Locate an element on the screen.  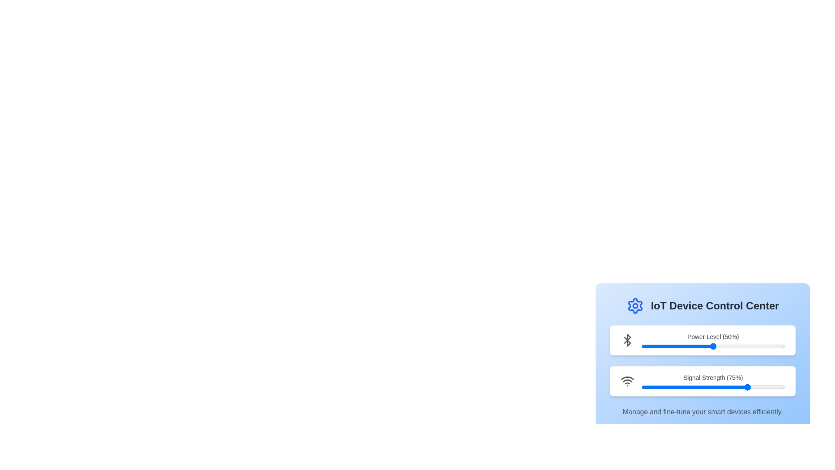
the Signal Strength slider to 48% is located at coordinates (710, 387).